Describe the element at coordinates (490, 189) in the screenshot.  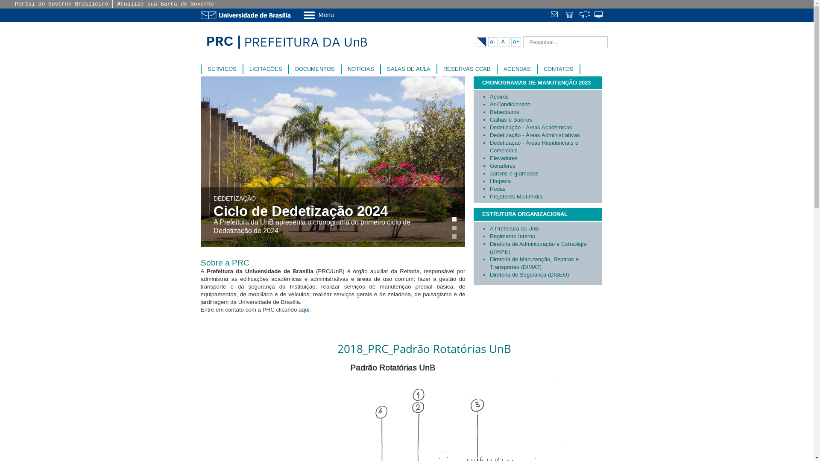
I see `'Podas'` at that location.